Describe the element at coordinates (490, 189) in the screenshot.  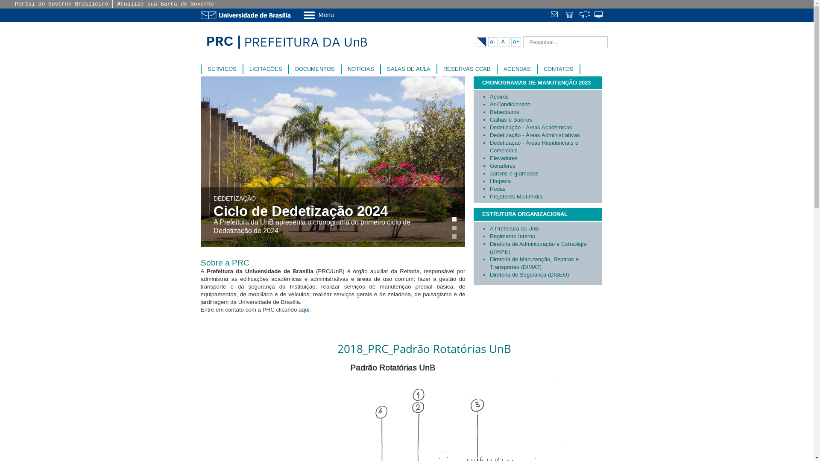
I see `'Podas'` at that location.